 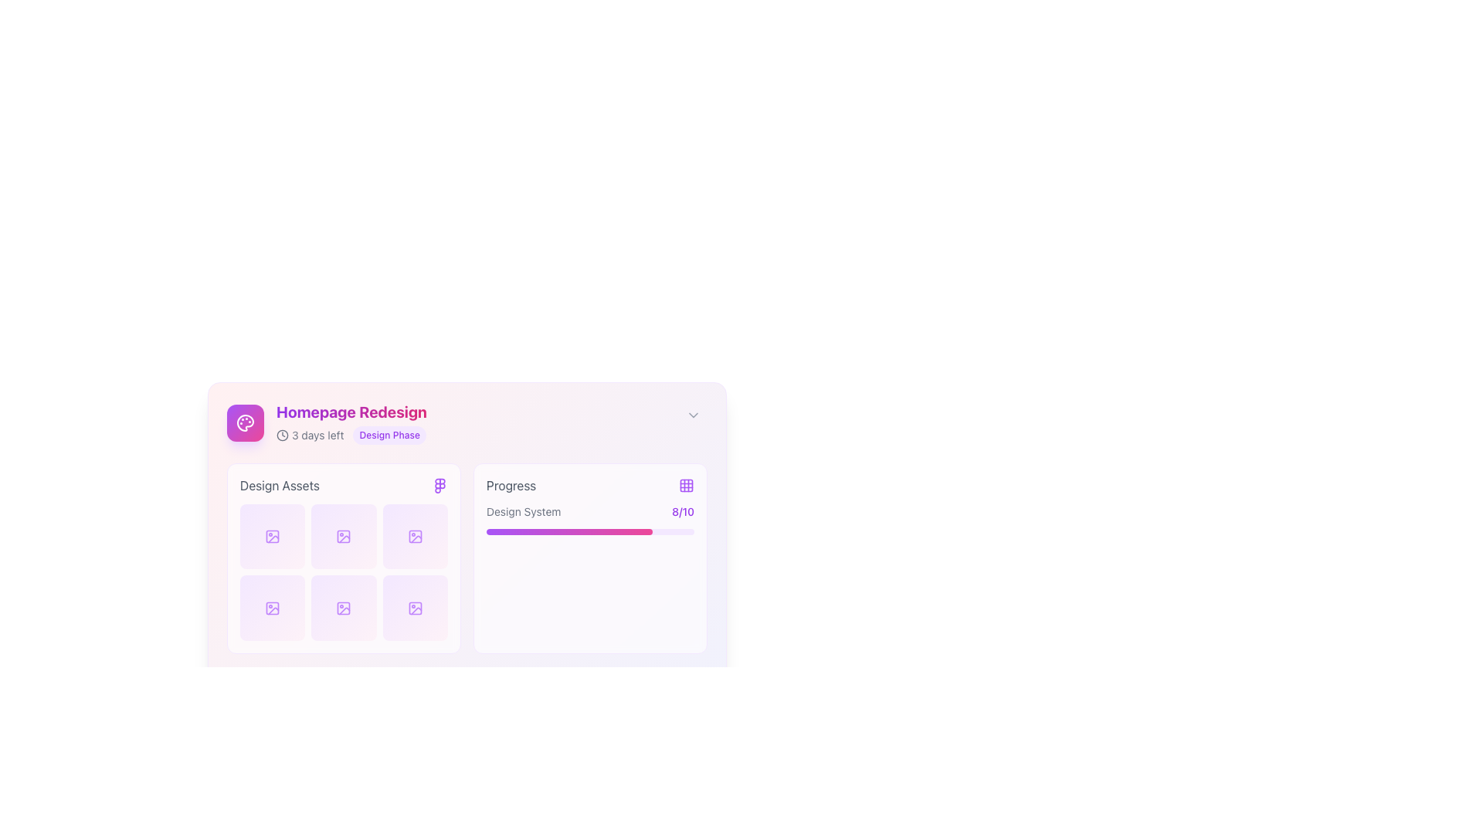 What do you see at coordinates (282, 435) in the screenshot?
I see `the time icon located to the left of the text '3 days left' in the header section of the 'Homepage Redesign' card` at bounding box center [282, 435].